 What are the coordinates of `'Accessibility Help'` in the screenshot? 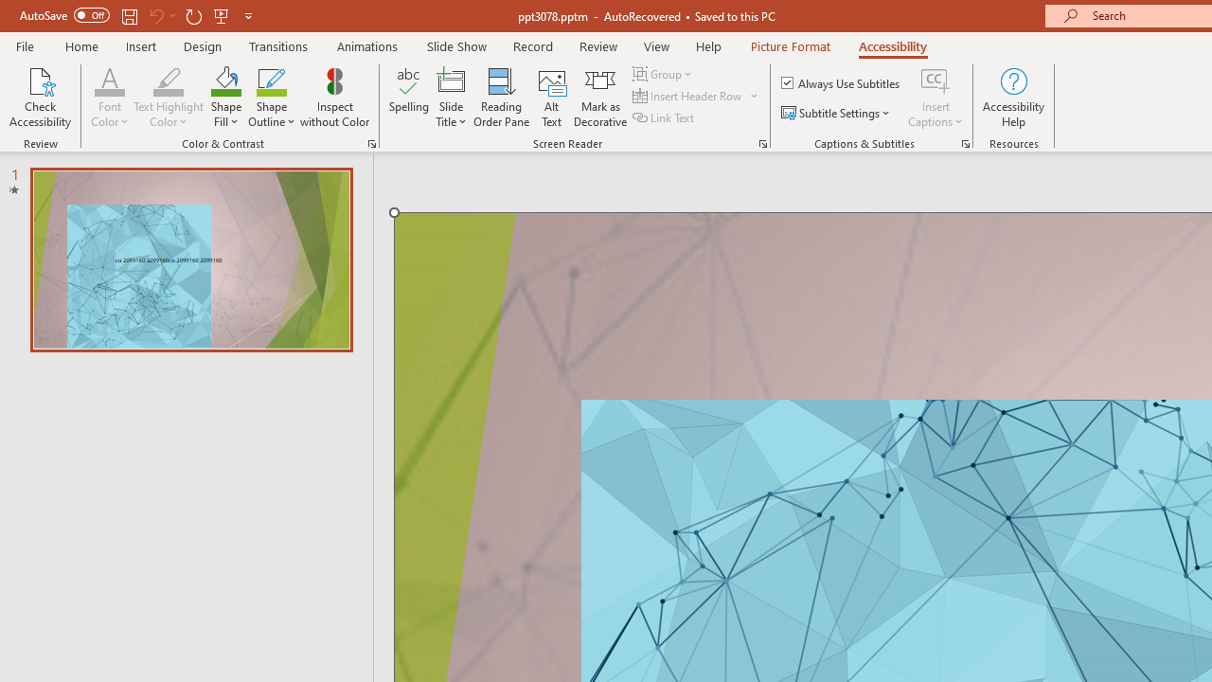 It's located at (1012, 98).